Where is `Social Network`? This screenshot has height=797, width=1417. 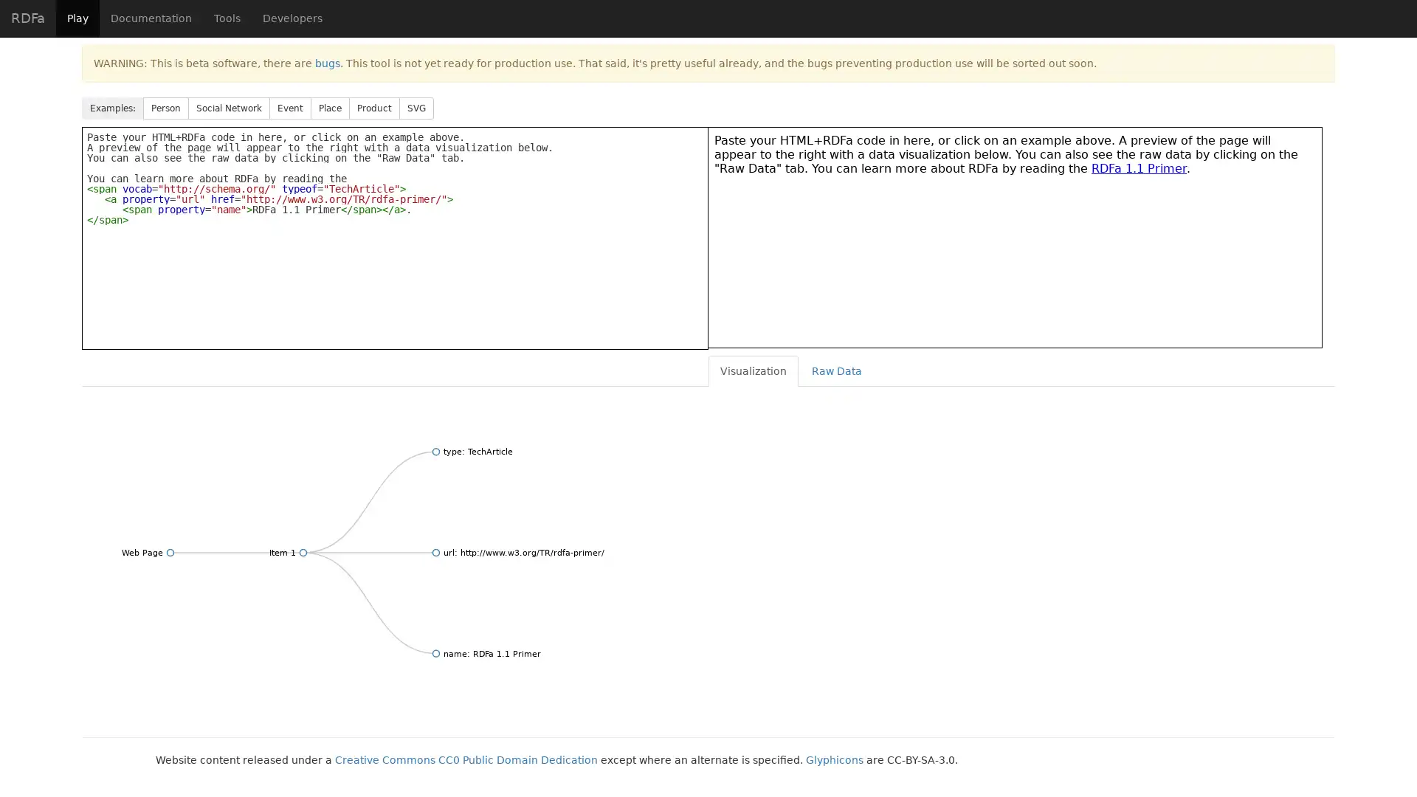 Social Network is located at coordinates (228, 107).